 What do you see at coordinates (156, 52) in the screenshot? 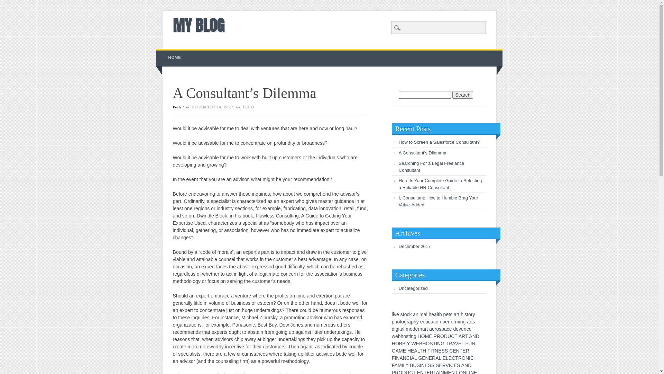
I see `'Skip to content'` at bounding box center [156, 52].